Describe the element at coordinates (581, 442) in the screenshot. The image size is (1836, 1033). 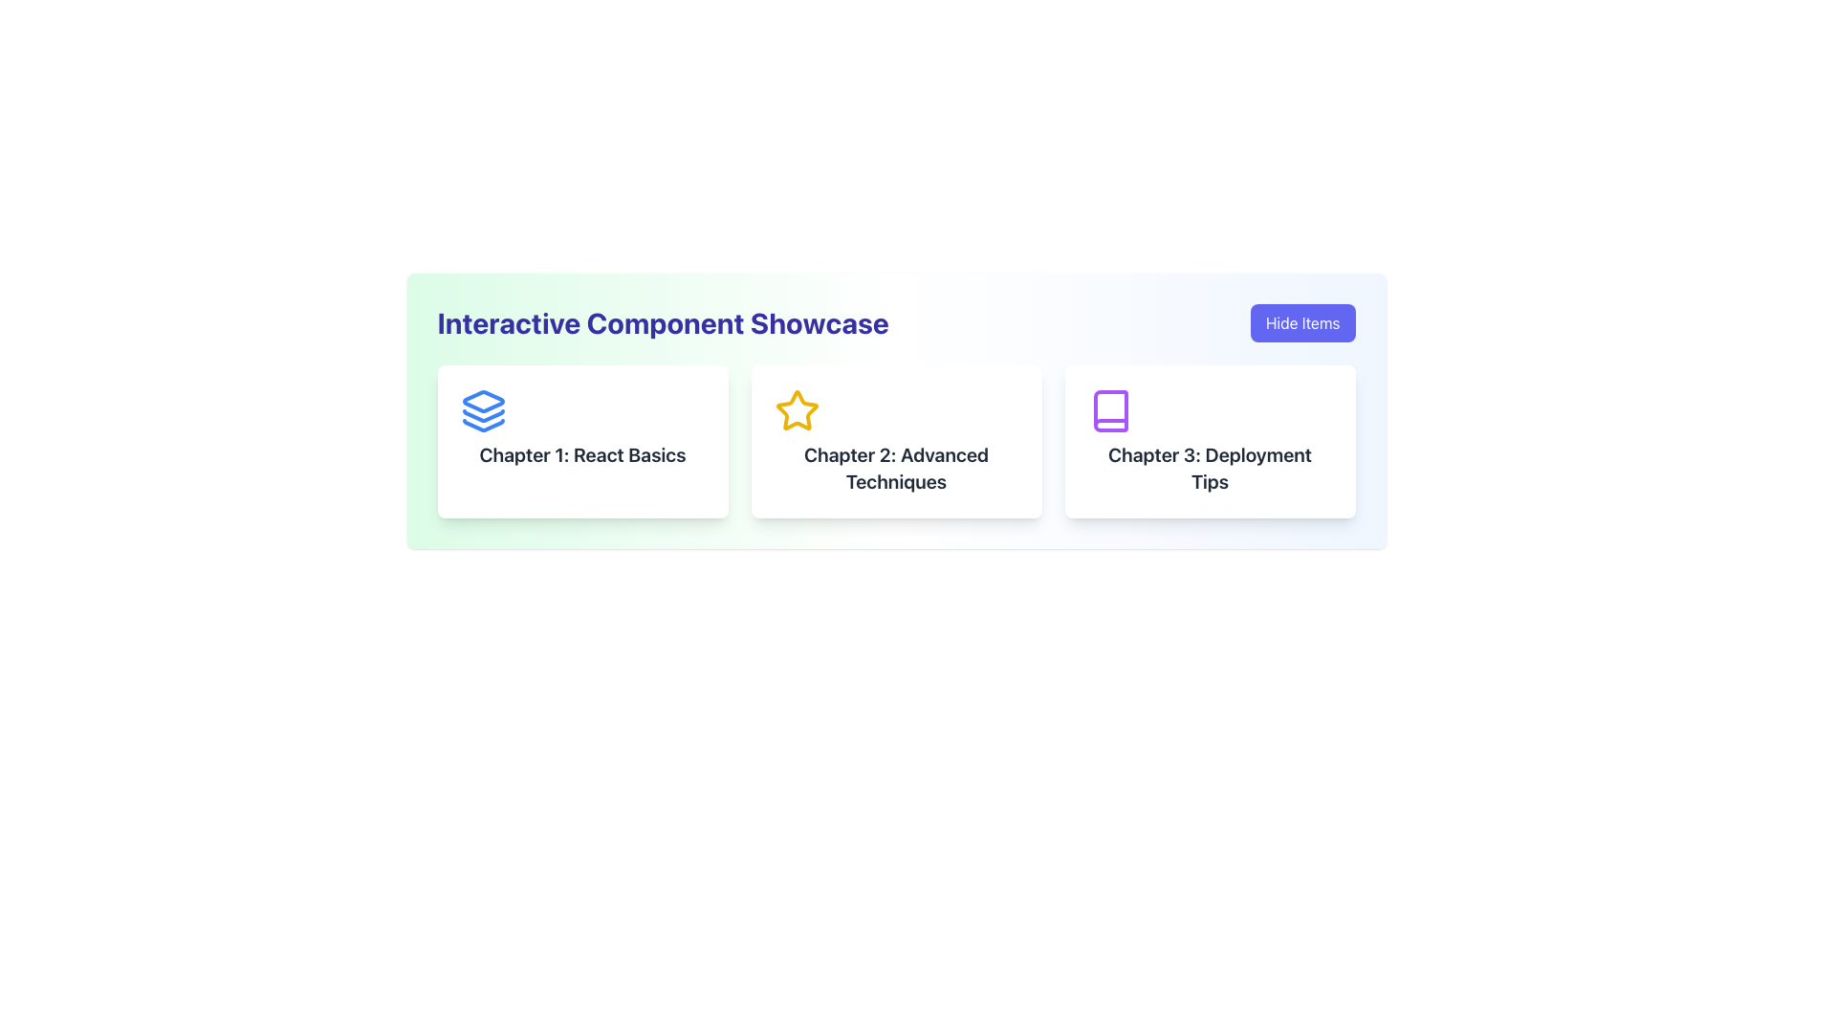
I see `the informational card that navigates to the content of the first chapter titled 'React Basics', located in the 'Interactive Component Showcase' section` at that location.